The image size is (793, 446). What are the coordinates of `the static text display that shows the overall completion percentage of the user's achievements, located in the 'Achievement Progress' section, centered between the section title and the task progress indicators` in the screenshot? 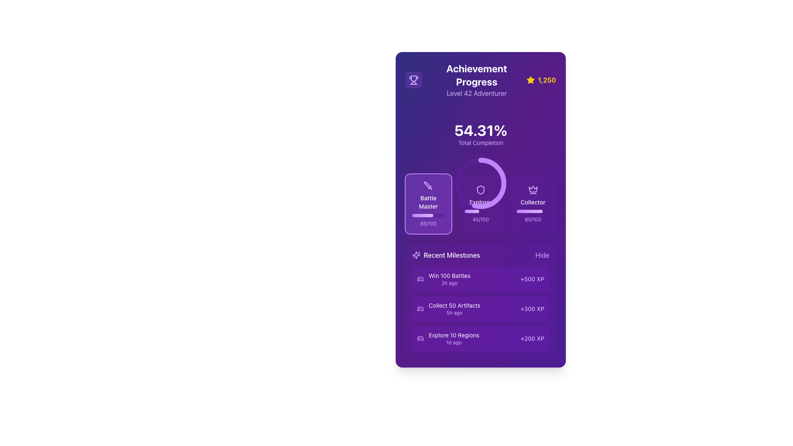 It's located at (480, 134).